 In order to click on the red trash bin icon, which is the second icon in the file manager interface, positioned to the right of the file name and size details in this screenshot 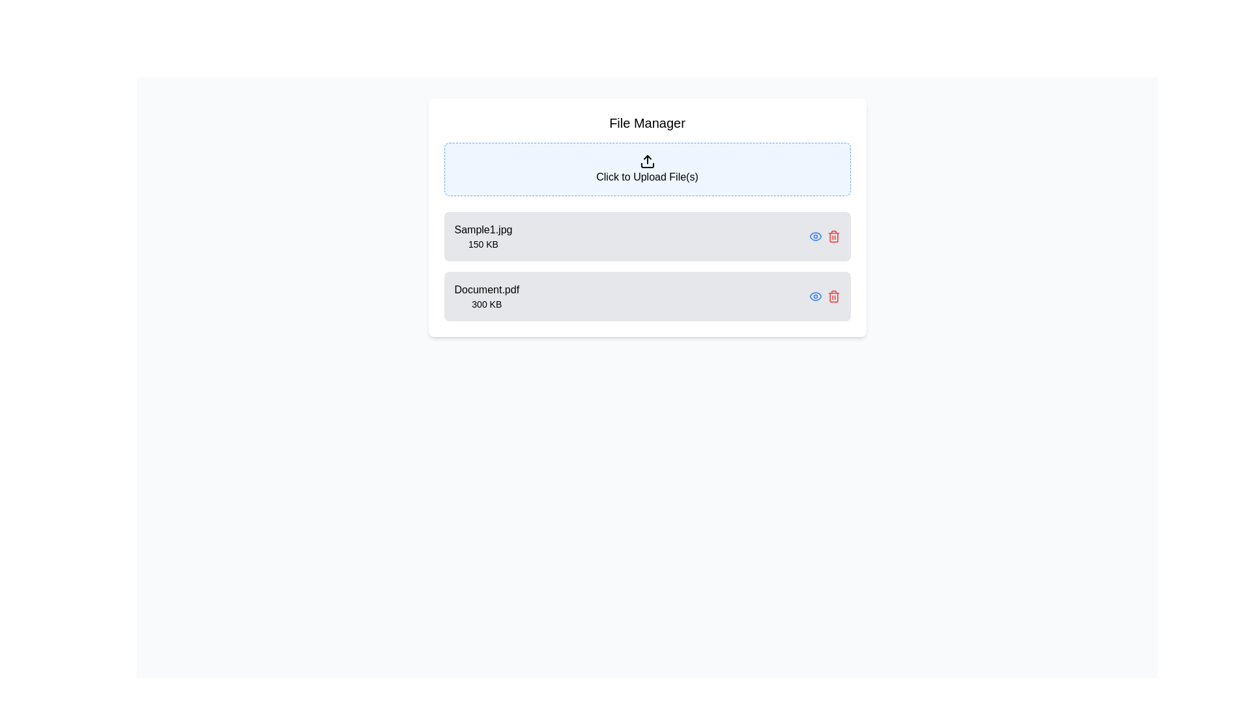, I will do `click(833, 236)`.